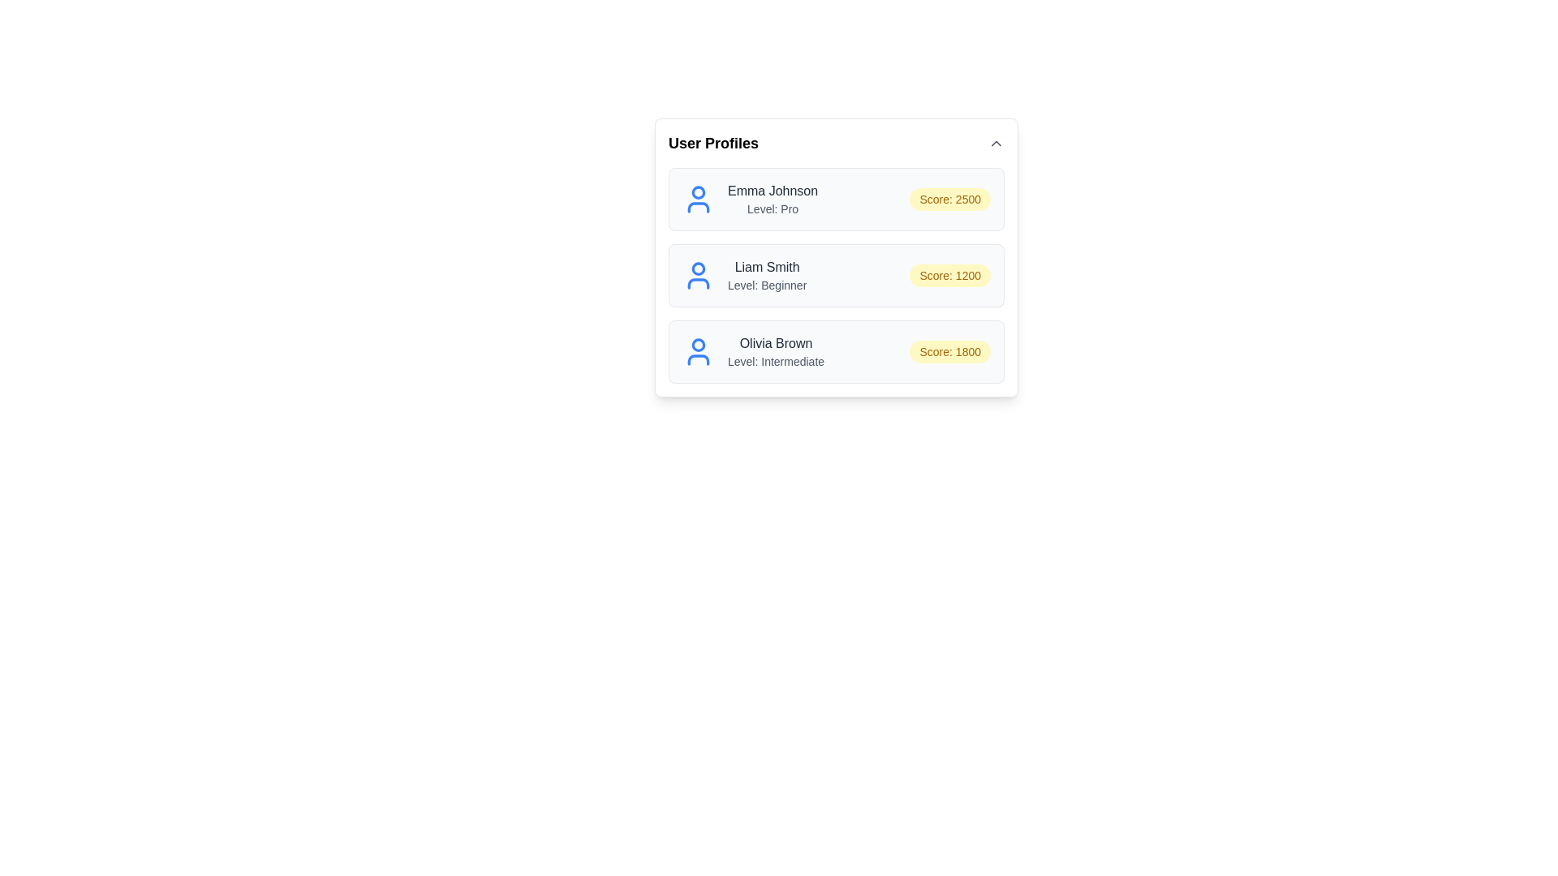  Describe the element at coordinates (775, 343) in the screenshot. I see `the text label displaying 'Olivia Brown' in gray color, which is prominently positioned in the user profile section adjacent to an avatar icon` at that location.